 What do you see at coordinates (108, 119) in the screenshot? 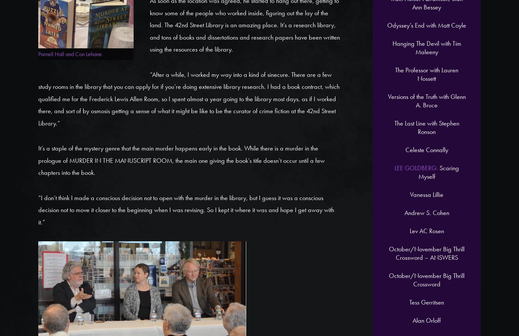
I see `'New Releases'` at bounding box center [108, 119].